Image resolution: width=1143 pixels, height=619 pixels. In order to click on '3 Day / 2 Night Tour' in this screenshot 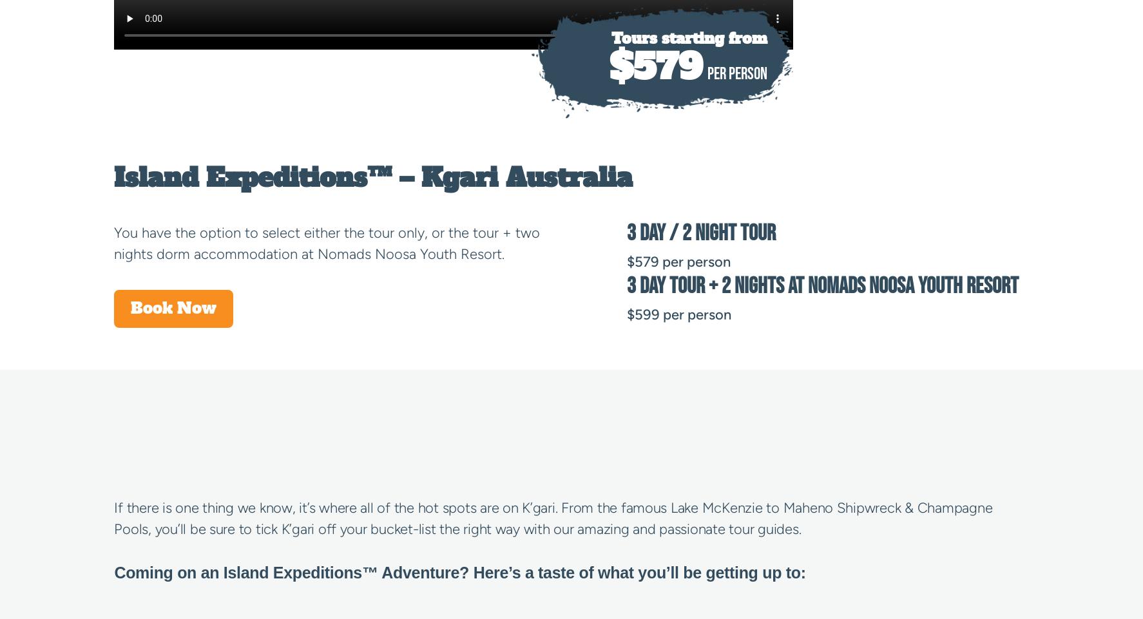, I will do `click(700, 233)`.